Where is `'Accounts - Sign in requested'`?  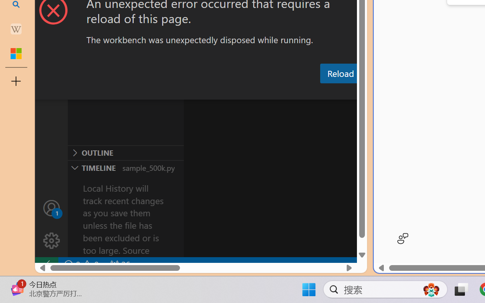 'Accounts - Sign in requested' is located at coordinates (51, 208).